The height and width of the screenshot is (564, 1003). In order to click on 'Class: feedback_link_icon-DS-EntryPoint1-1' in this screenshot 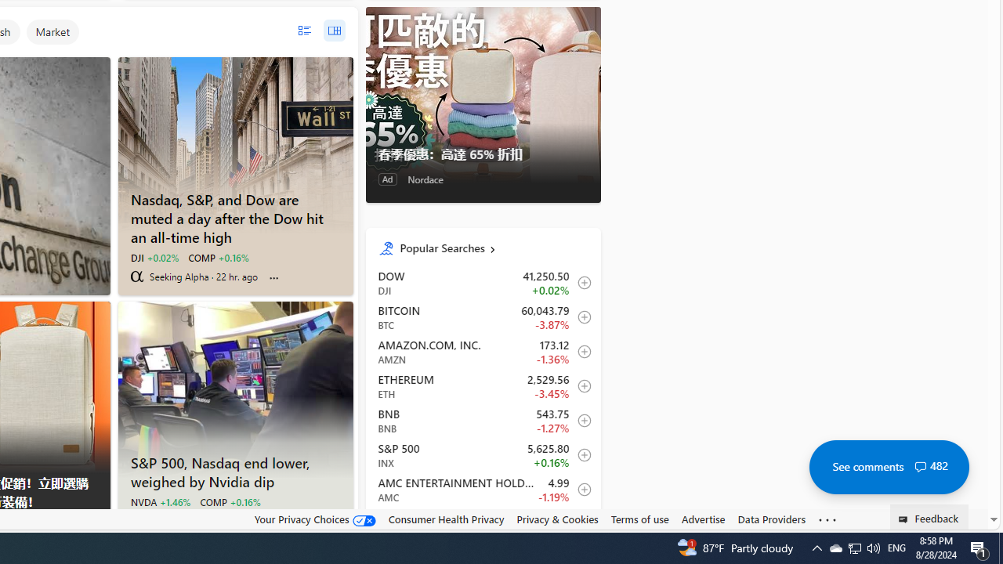, I will do `click(906, 519)`.